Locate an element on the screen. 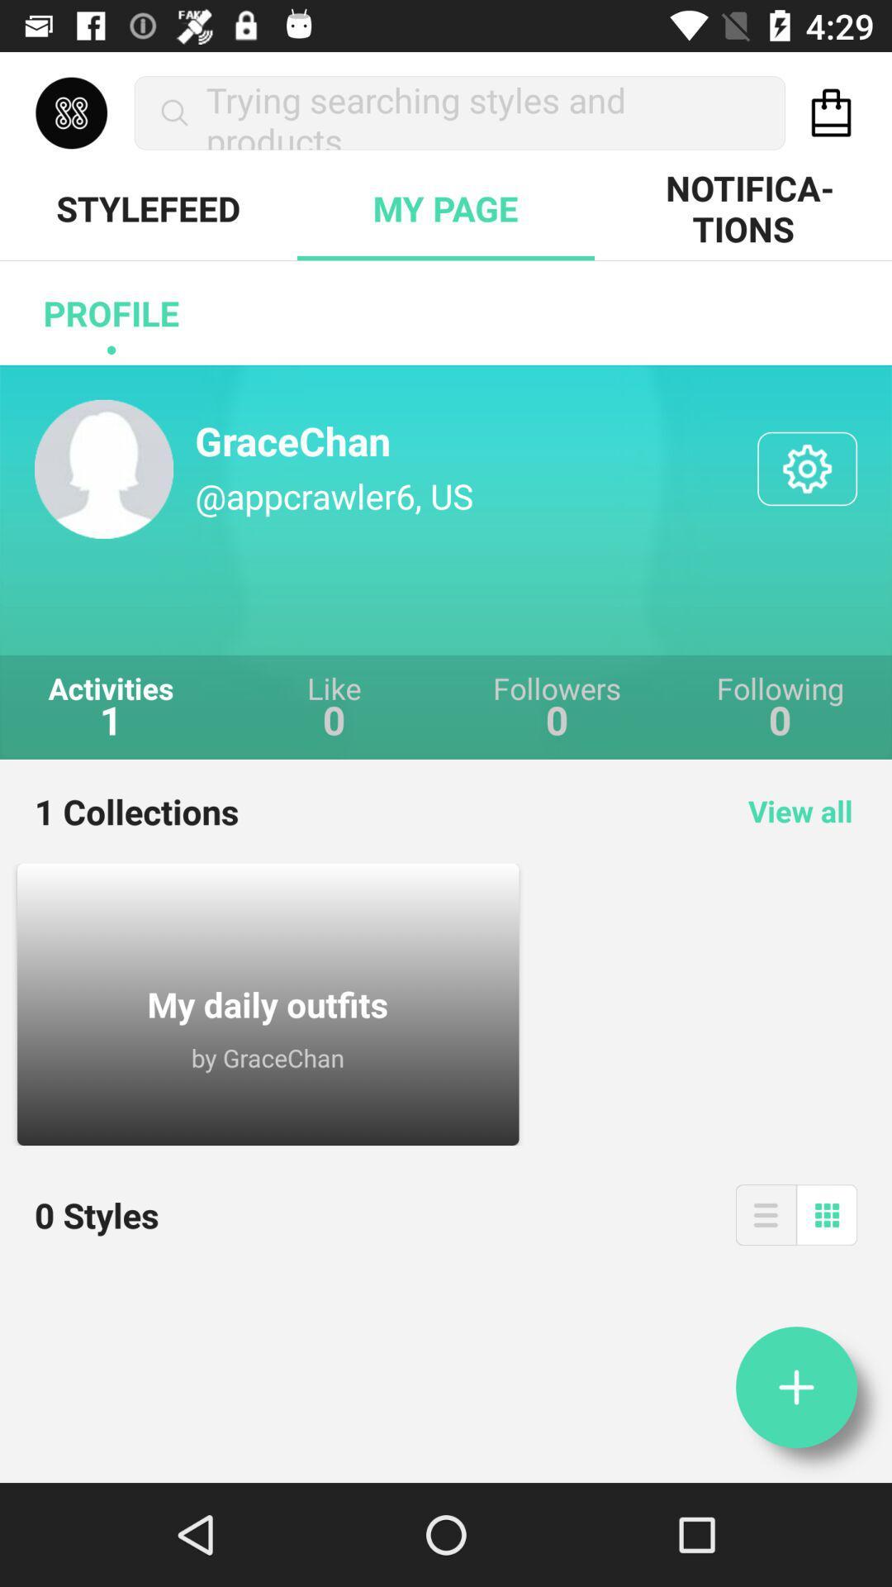 The height and width of the screenshot is (1587, 892). settings is located at coordinates (806, 468).